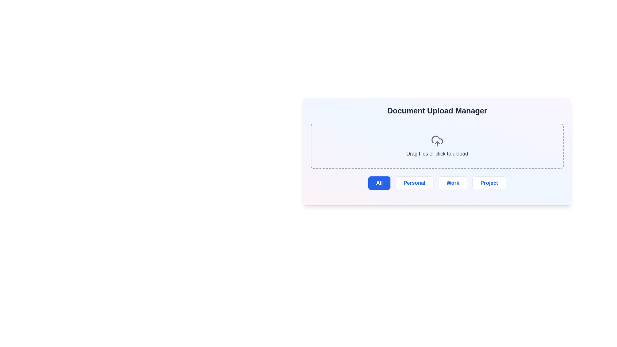  What do you see at coordinates (437, 141) in the screenshot?
I see `the cloud icon with an upward arrow, which is located above the text 'Drag files or click to upload' and is centered within a dashed-bordered area` at bounding box center [437, 141].